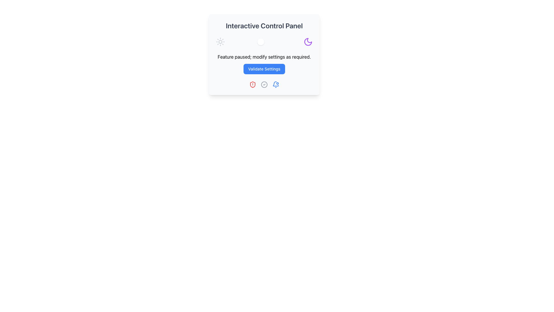 This screenshot has width=554, height=312. I want to click on the 'circle-check' icon located in the 'Interactive Control Panel' section, which is the second icon from the left, if its functionality is enabled, so click(264, 85).